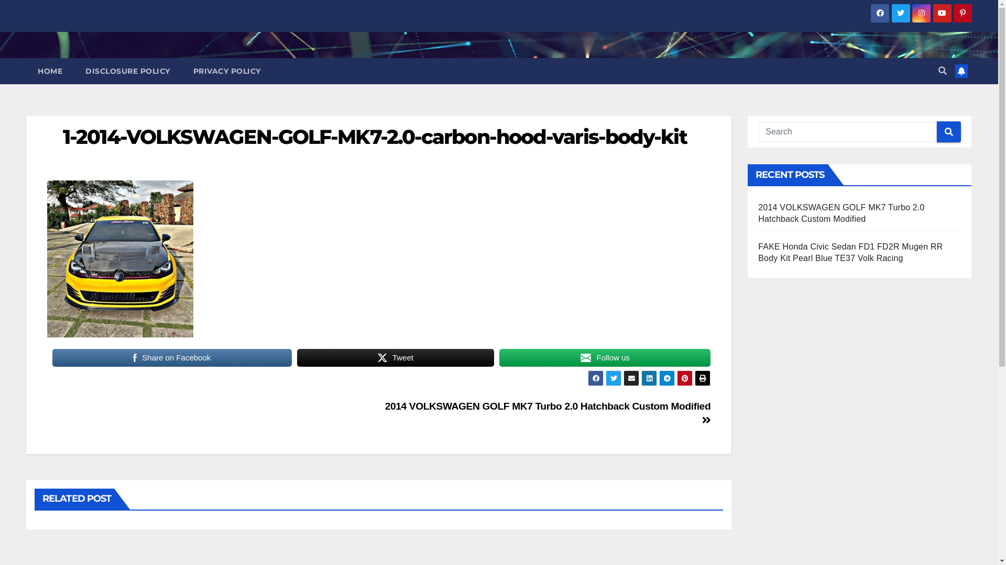  What do you see at coordinates (127, 71) in the screenshot?
I see `'DISCLOSURE POLICY'` at bounding box center [127, 71].